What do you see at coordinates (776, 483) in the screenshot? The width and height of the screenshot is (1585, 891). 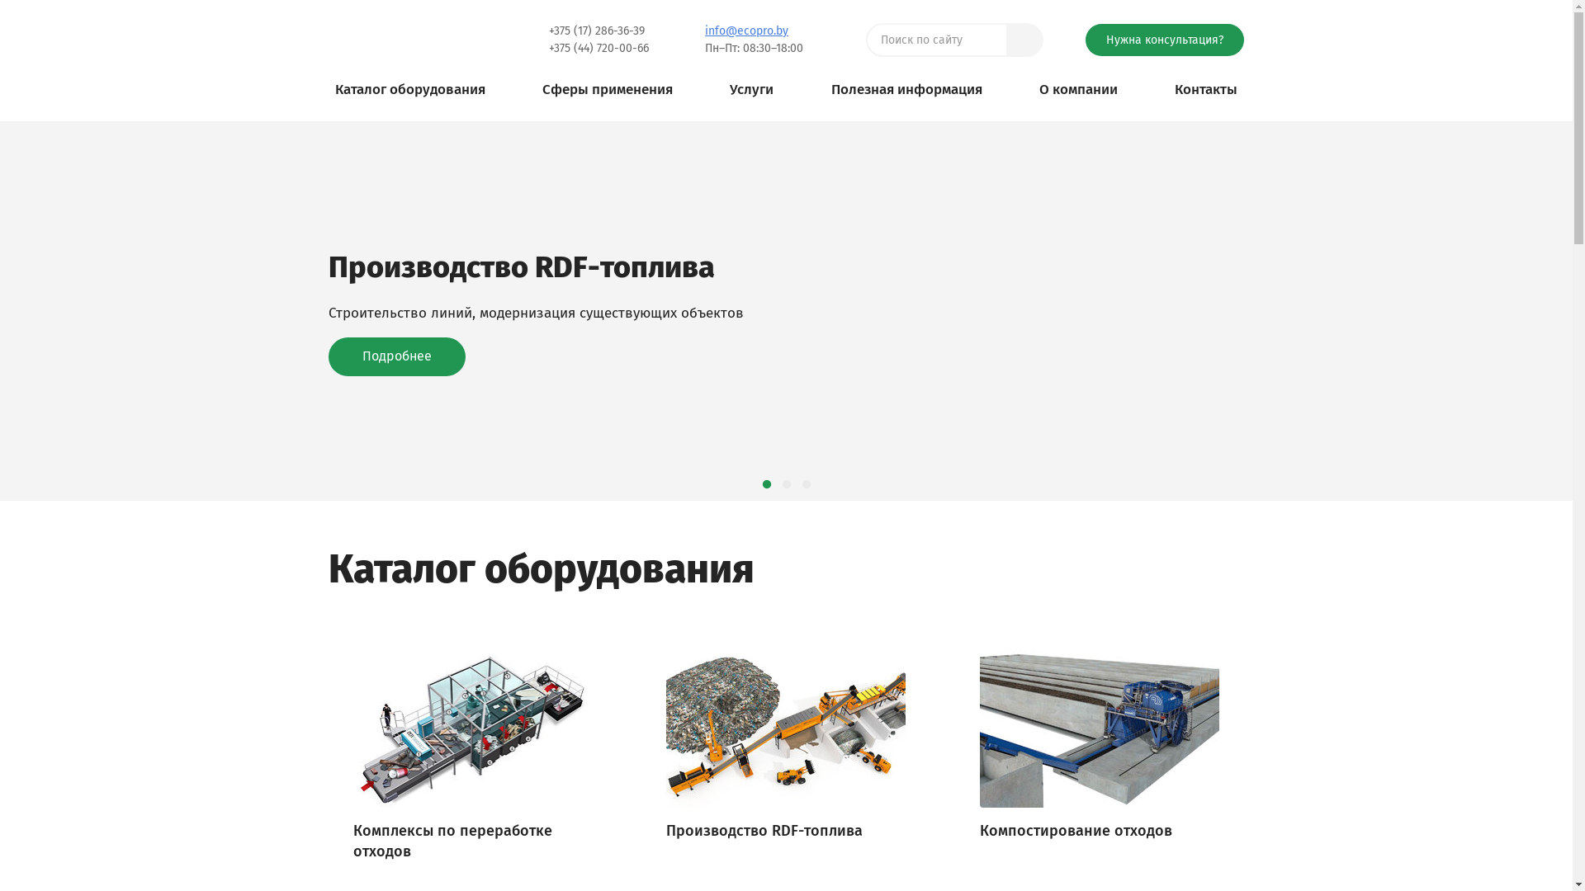 I see `'2'` at bounding box center [776, 483].